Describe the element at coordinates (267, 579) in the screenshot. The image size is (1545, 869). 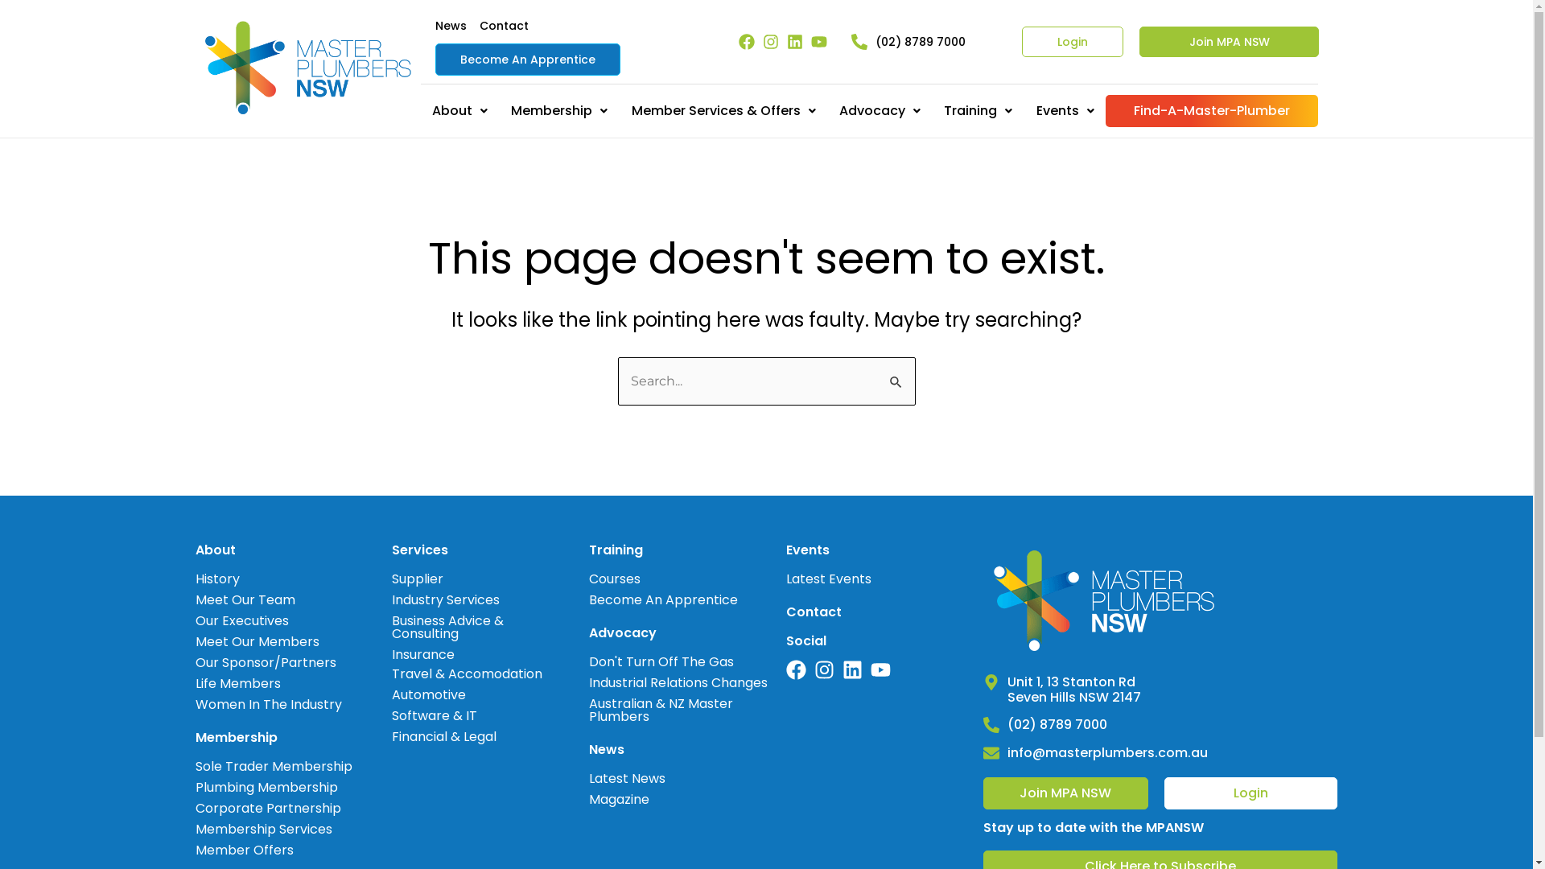
I see `'History'` at that location.